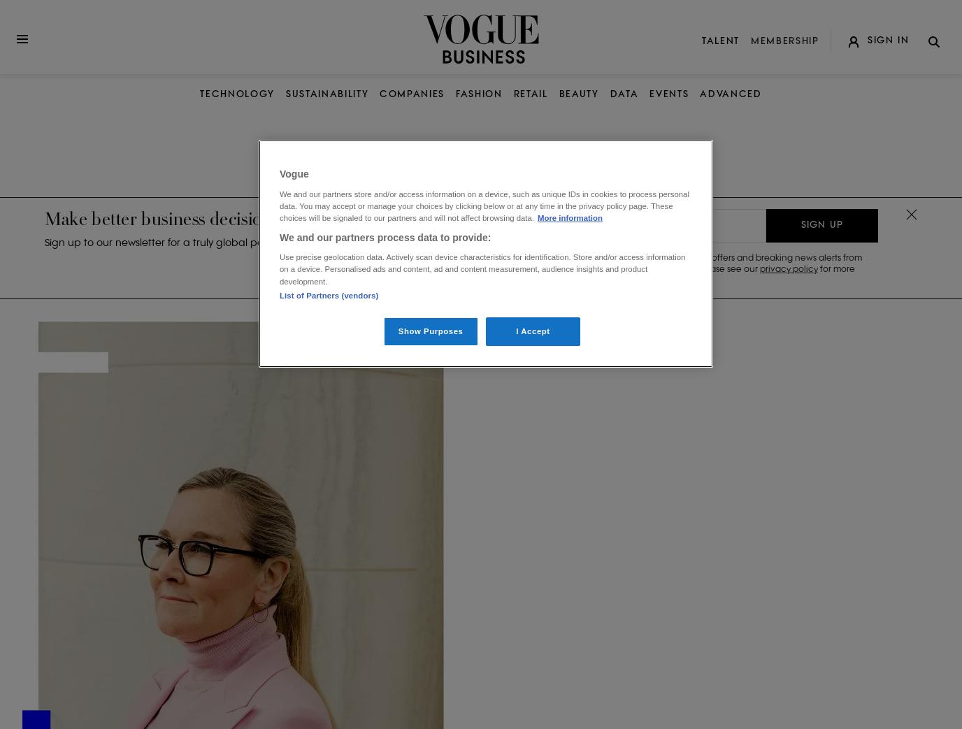  What do you see at coordinates (821, 224) in the screenshot?
I see `'Sign Up'` at bounding box center [821, 224].